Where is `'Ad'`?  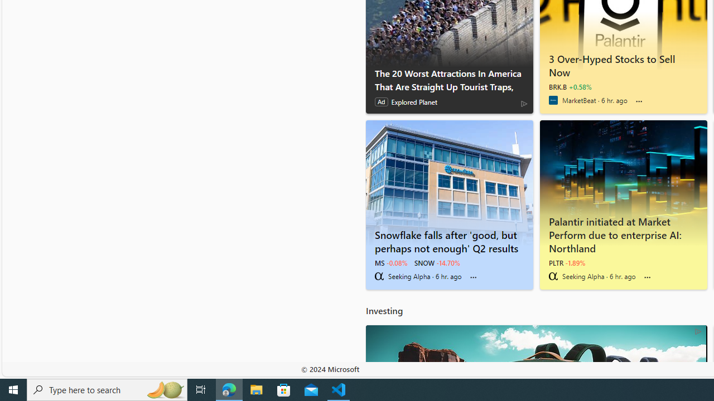
'Ad' is located at coordinates (381, 102).